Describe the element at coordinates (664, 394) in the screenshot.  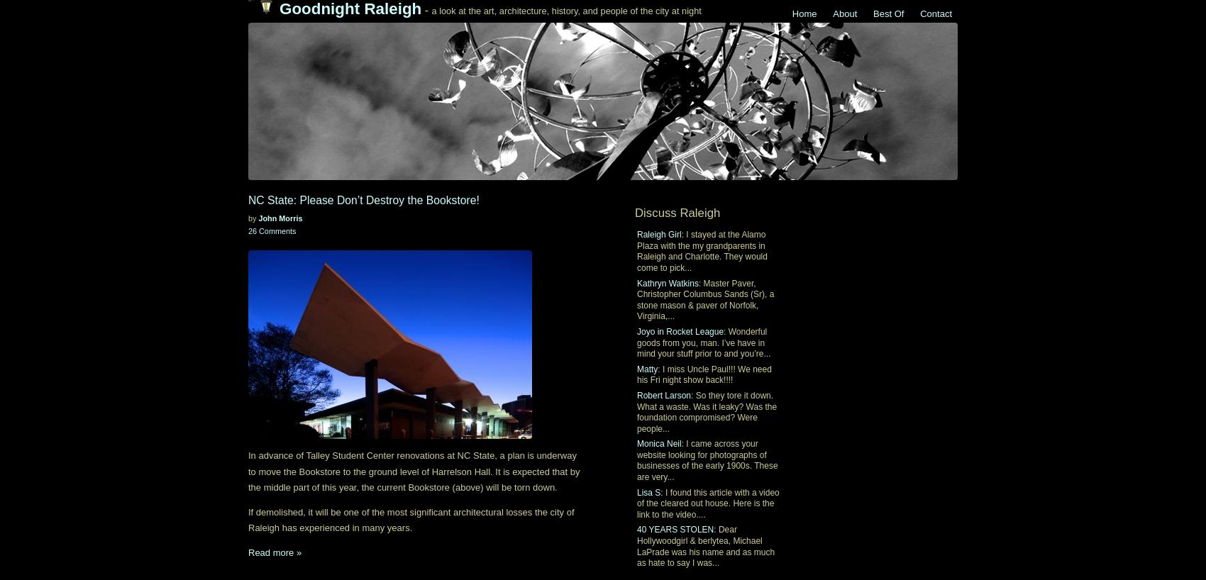
I see `'Robert Larson'` at that location.